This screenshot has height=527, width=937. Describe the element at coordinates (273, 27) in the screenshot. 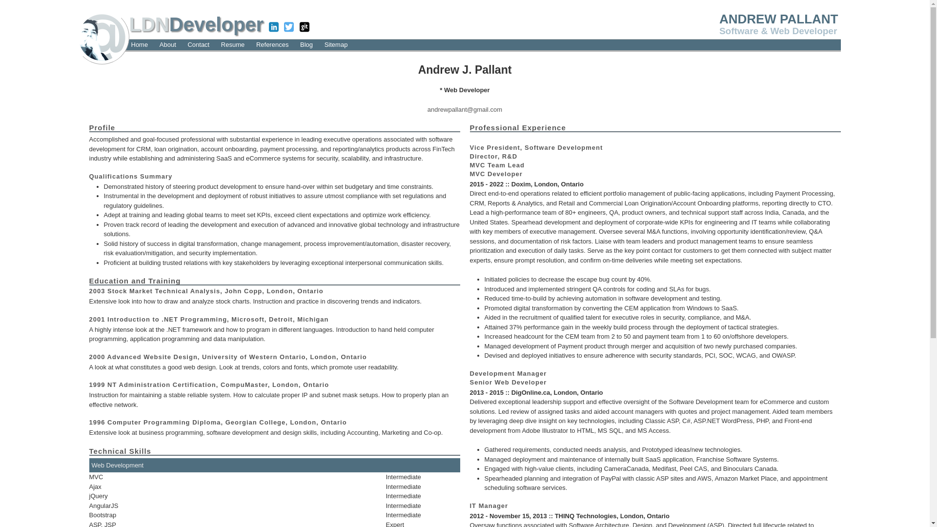

I see `'Click For My LinkedIn Profile'` at that location.